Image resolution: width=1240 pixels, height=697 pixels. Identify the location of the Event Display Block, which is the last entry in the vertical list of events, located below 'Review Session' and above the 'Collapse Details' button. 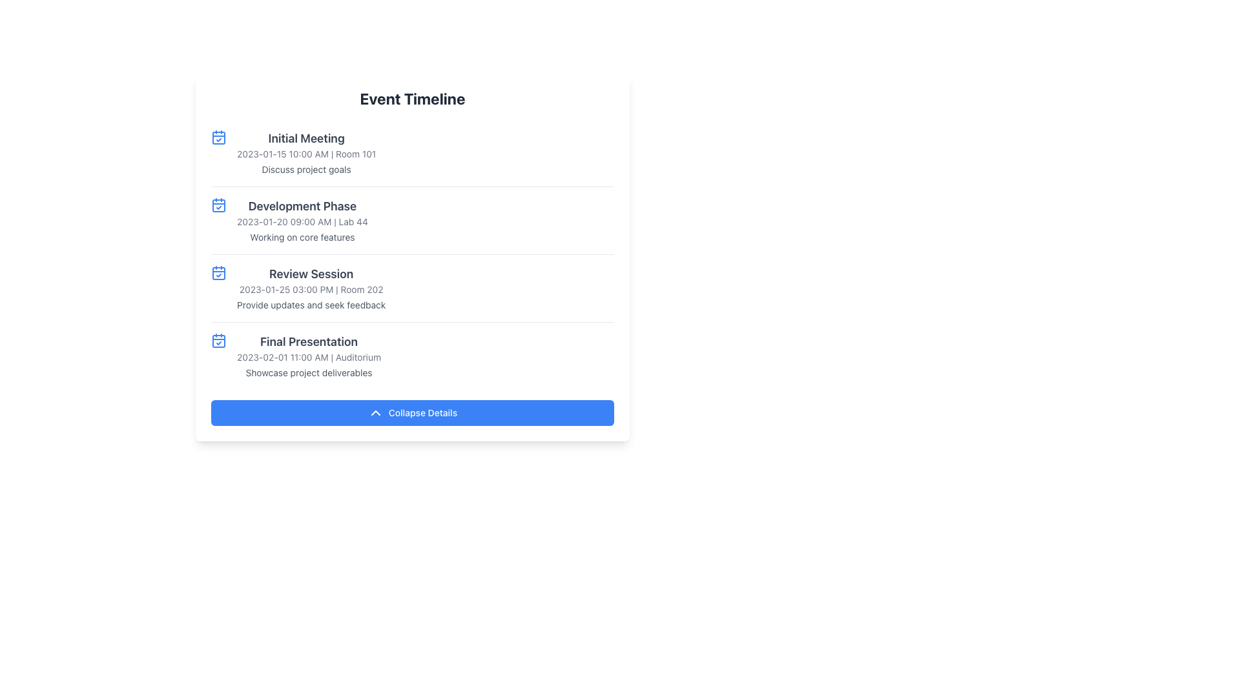
(411, 356).